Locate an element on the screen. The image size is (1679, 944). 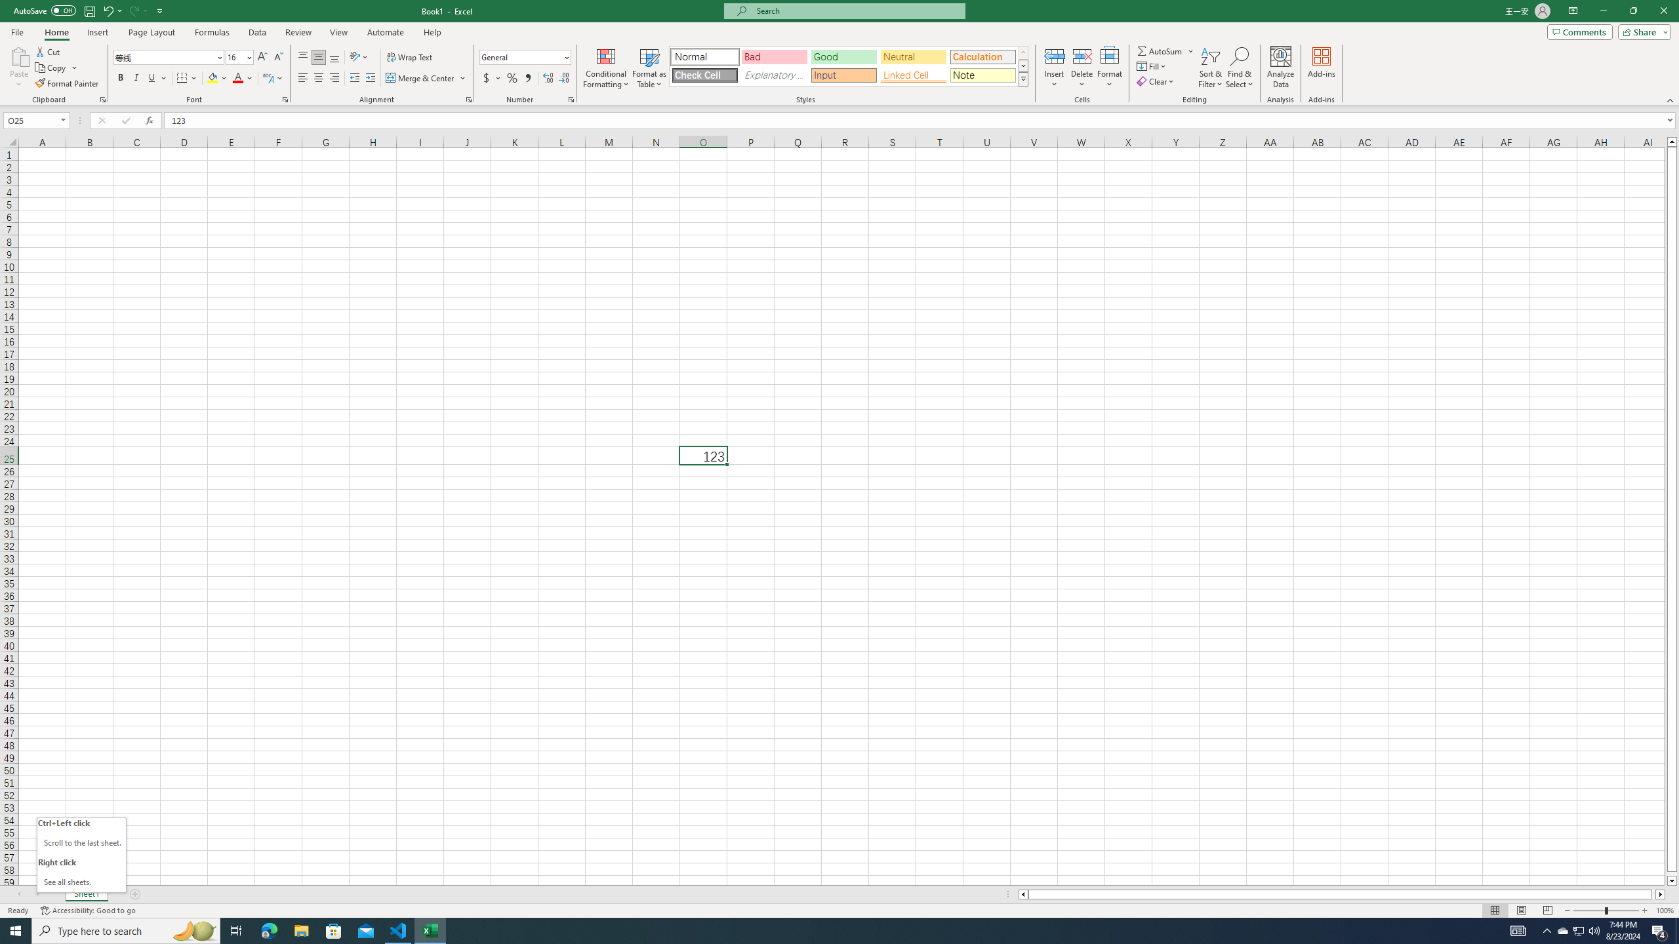
'Orientation' is located at coordinates (358, 57).